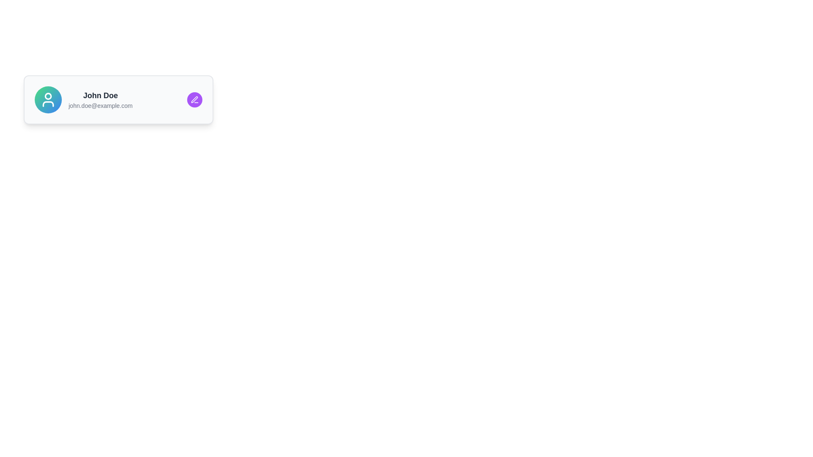  What do you see at coordinates (100, 99) in the screenshot?
I see `the text block containing 'John Doe' and 'john.doe@example.com', which is positioned between a circular icon and a purple circular button with a pen icon` at bounding box center [100, 99].